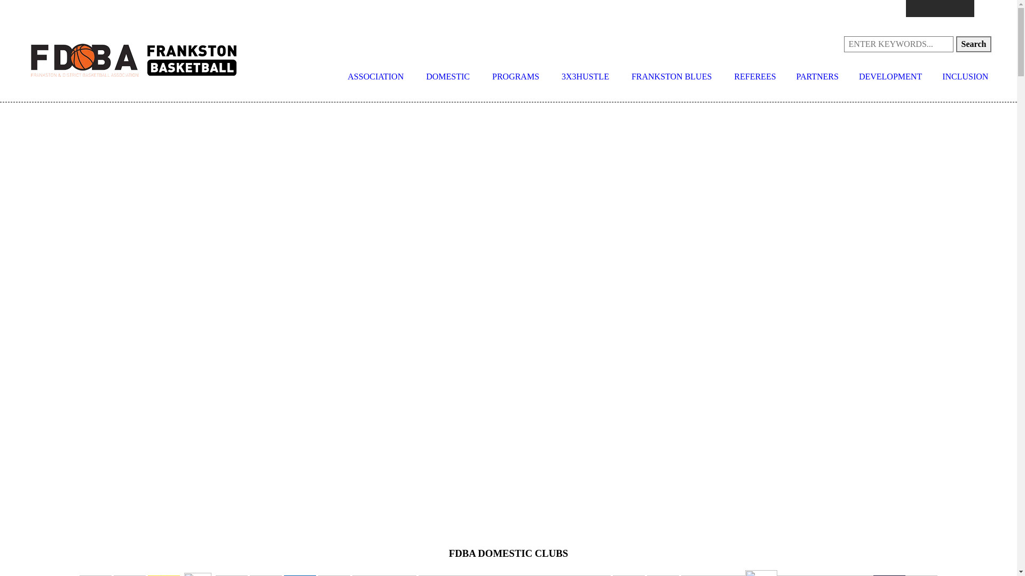 This screenshot has width=1025, height=576. I want to click on 'FRANKSTON BLUES', so click(671, 76).